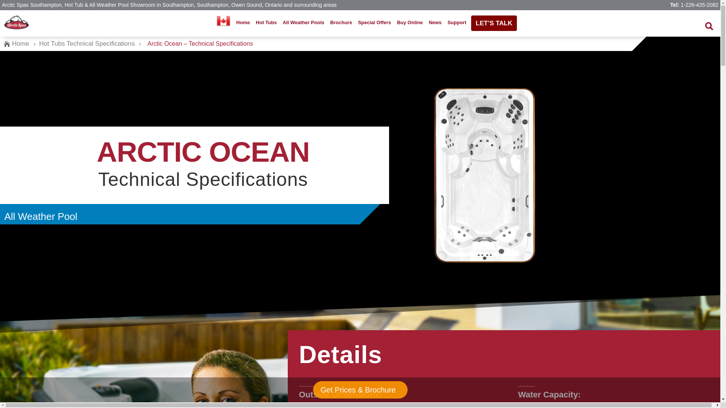 This screenshot has width=726, height=408. Describe the element at coordinates (223, 20) in the screenshot. I see `'Choose Your Location'` at that location.